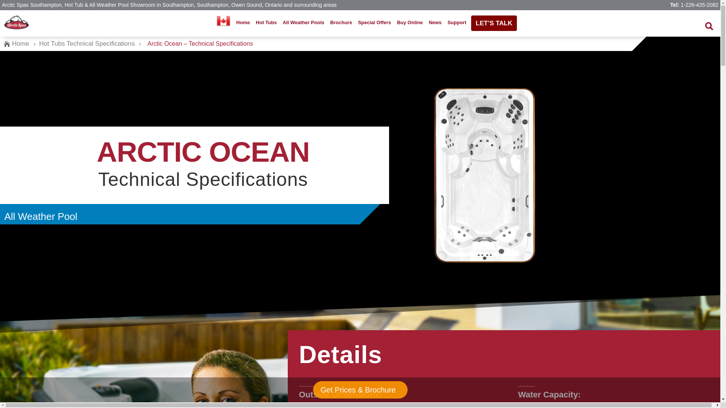 This screenshot has width=726, height=408. Describe the element at coordinates (223, 20) in the screenshot. I see `'Choose Your Location'` at that location.